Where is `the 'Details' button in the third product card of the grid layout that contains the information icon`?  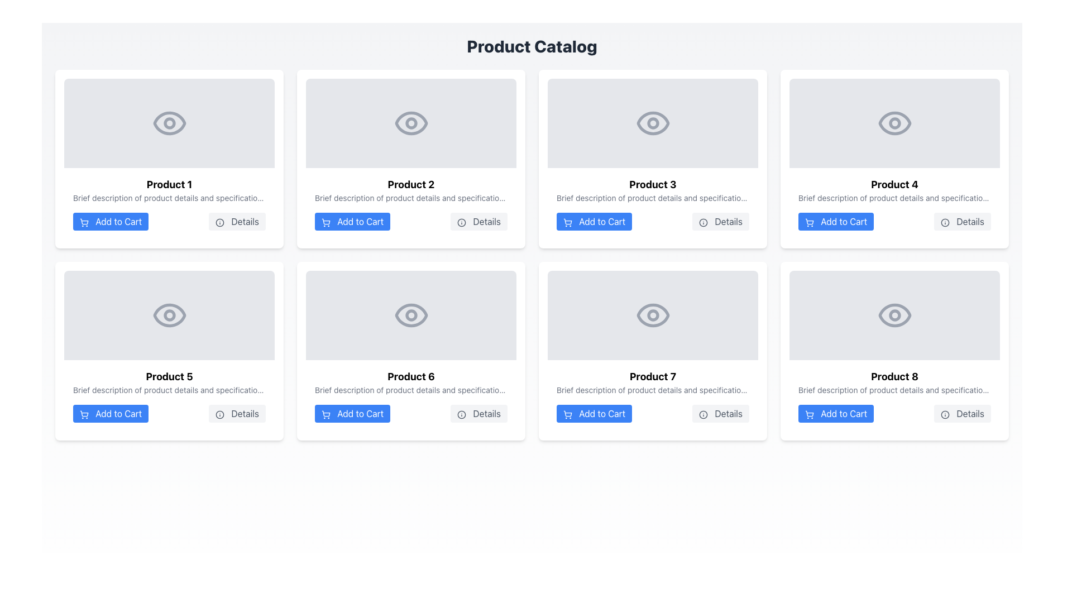
the 'Details' button in the third product card of the grid layout that contains the information icon is located at coordinates (703, 222).